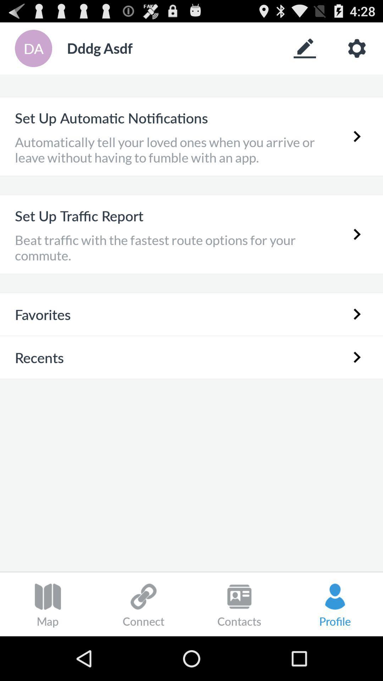 This screenshot has height=681, width=383. What do you see at coordinates (304, 48) in the screenshot?
I see `edit` at bounding box center [304, 48].